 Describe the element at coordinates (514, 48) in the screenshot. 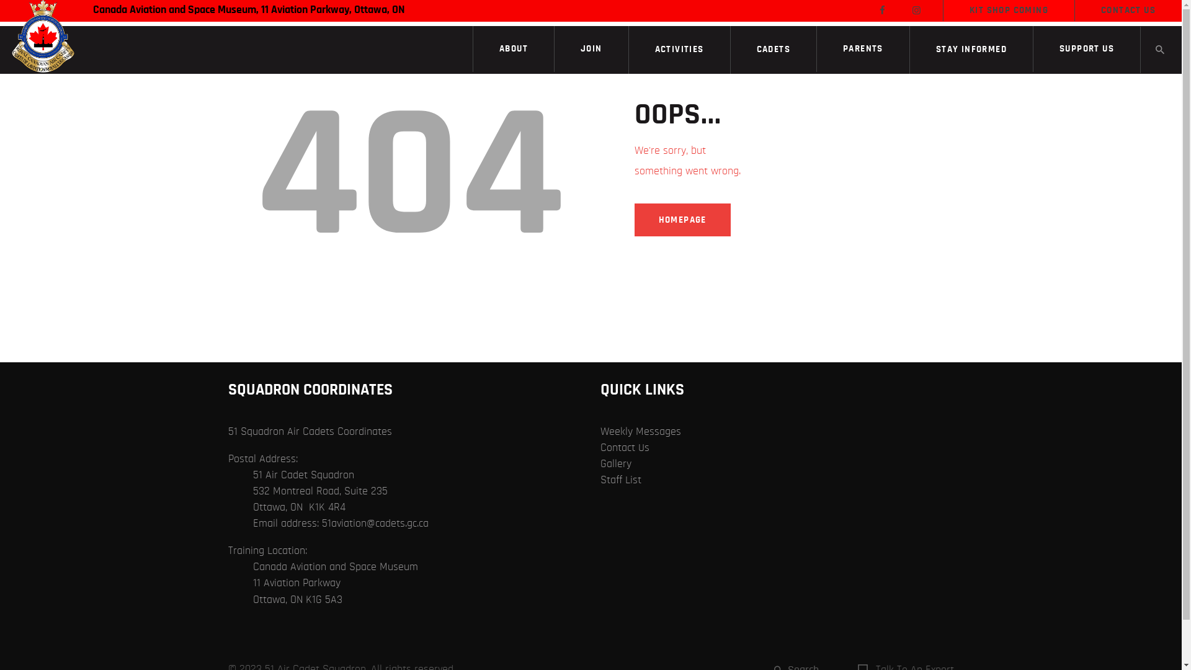

I see `'ABOUT'` at that location.